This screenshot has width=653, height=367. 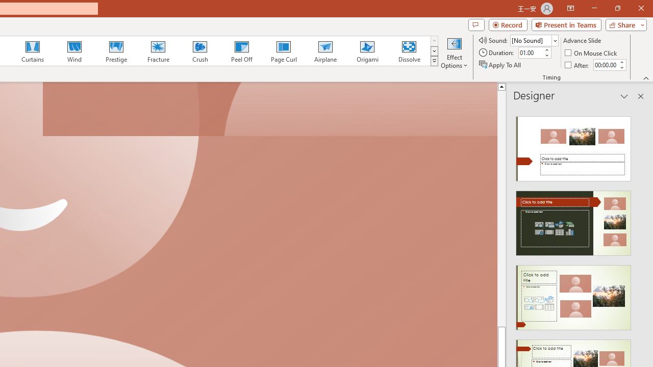 What do you see at coordinates (367, 51) in the screenshot?
I see `'Origami'` at bounding box center [367, 51].